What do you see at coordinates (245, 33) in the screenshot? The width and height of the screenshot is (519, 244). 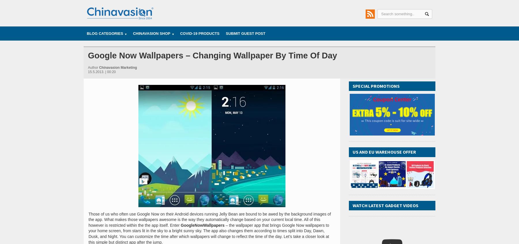 I see `'Submit Guest Post'` at bounding box center [245, 33].